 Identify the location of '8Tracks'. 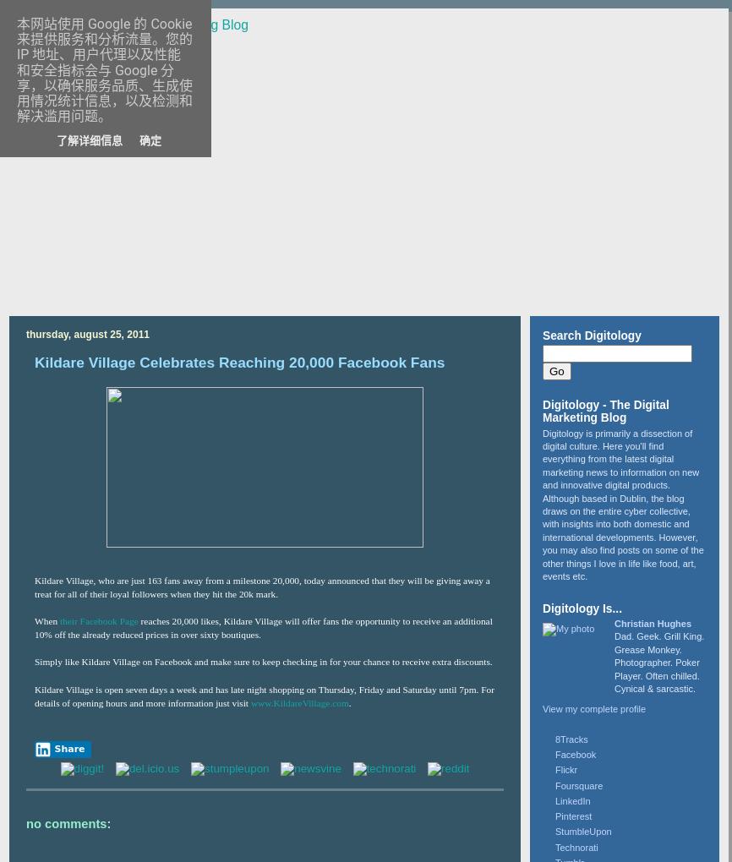
(554, 738).